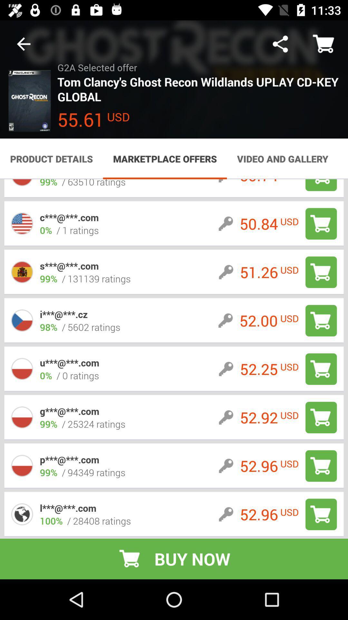  What do you see at coordinates (321, 466) in the screenshot?
I see `to cart` at bounding box center [321, 466].